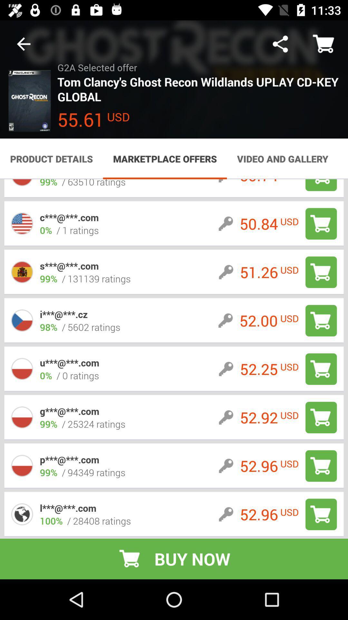  What do you see at coordinates (321, 466) in the screenshot?
I see `to cart` at bounding box center [321, 466].